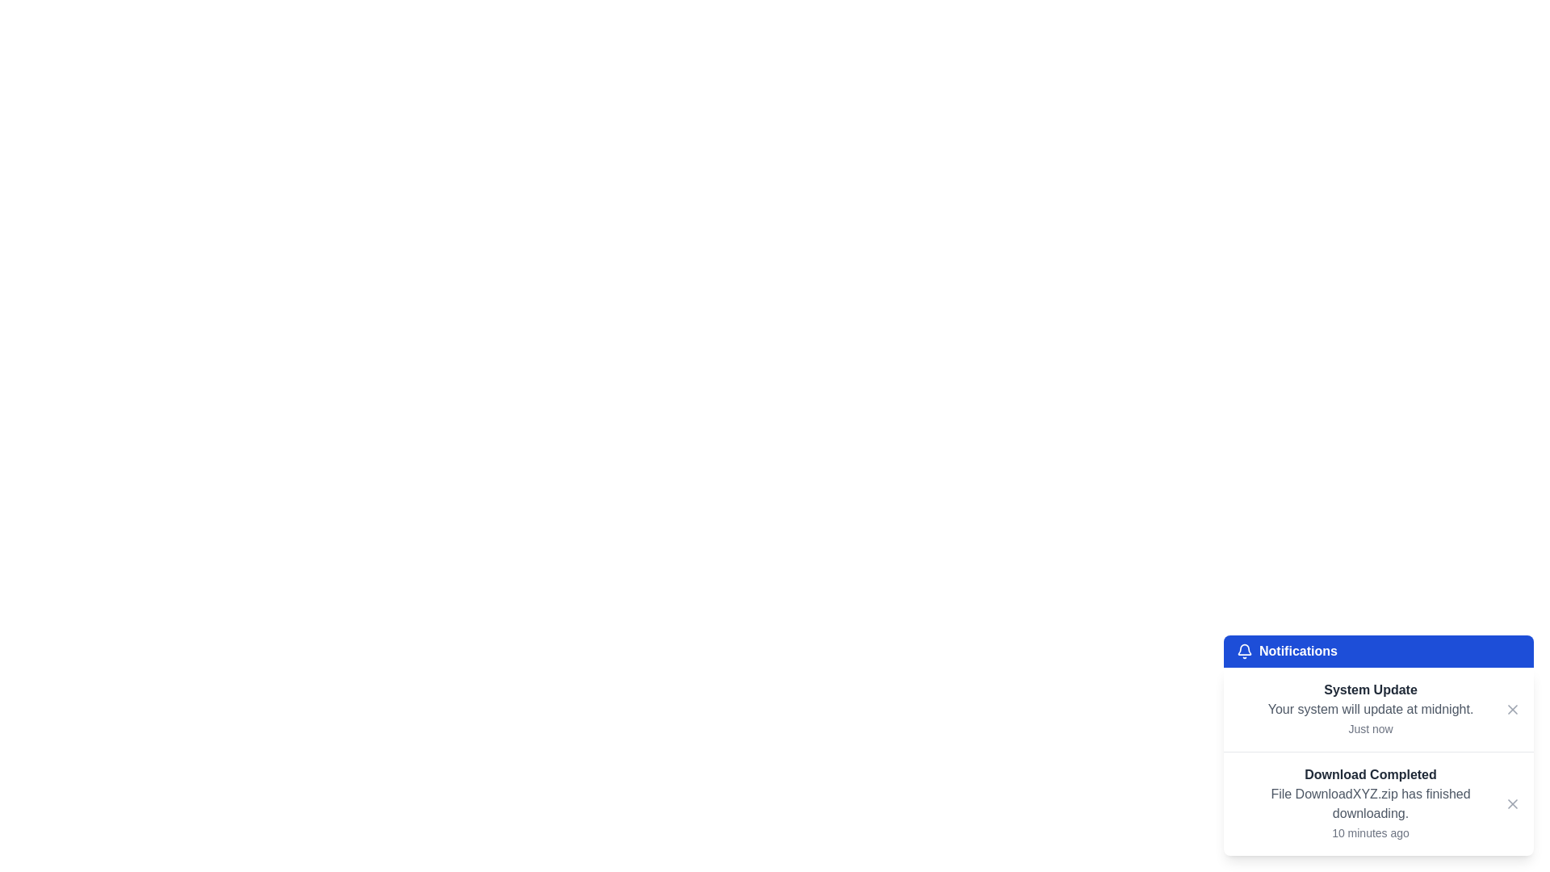  What do you see at coordinates (1370, 709) in the screenshot?
I see `notification about the system update scheduled at midnight from the top of the Notifications list` at bounding box center [1370, 709].